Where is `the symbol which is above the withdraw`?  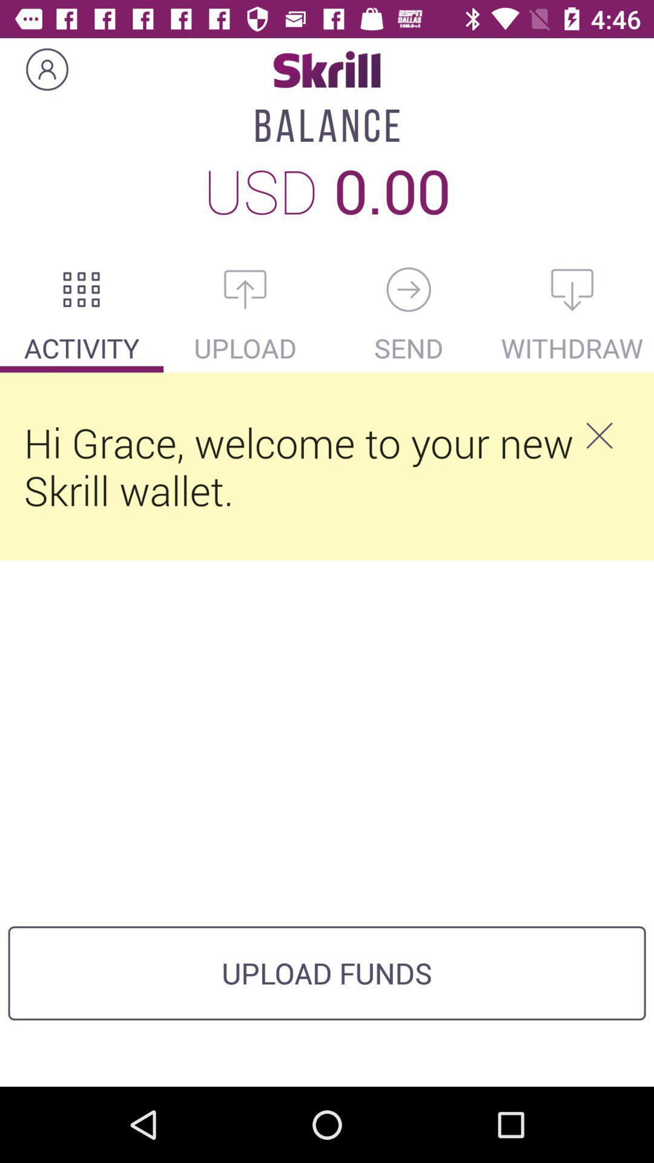 the symbol which is above the withdraw is located at coordinates (572, 289).